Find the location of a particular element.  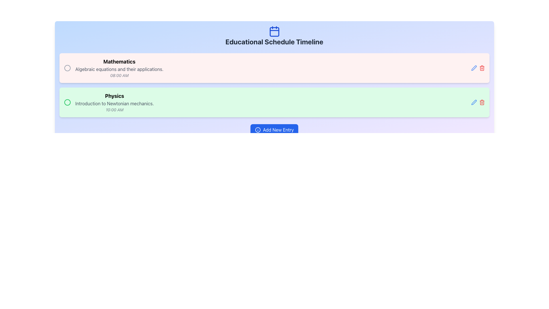

the title or heading text that indicates the purpose of the educational schedule timeline, located at the top-center of the interface, below the calendar icon is located at coordinates (274, 41).